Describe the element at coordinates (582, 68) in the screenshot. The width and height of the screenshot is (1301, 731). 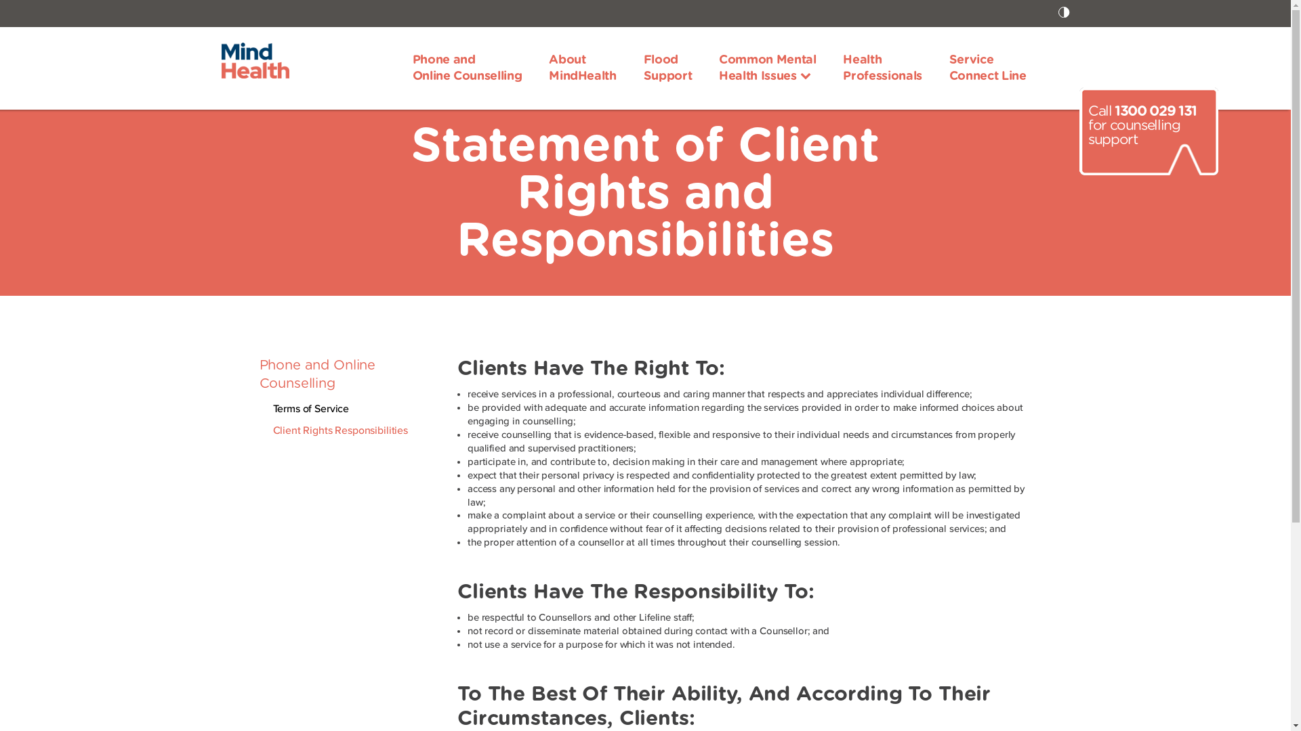
I see `'About` at that location.